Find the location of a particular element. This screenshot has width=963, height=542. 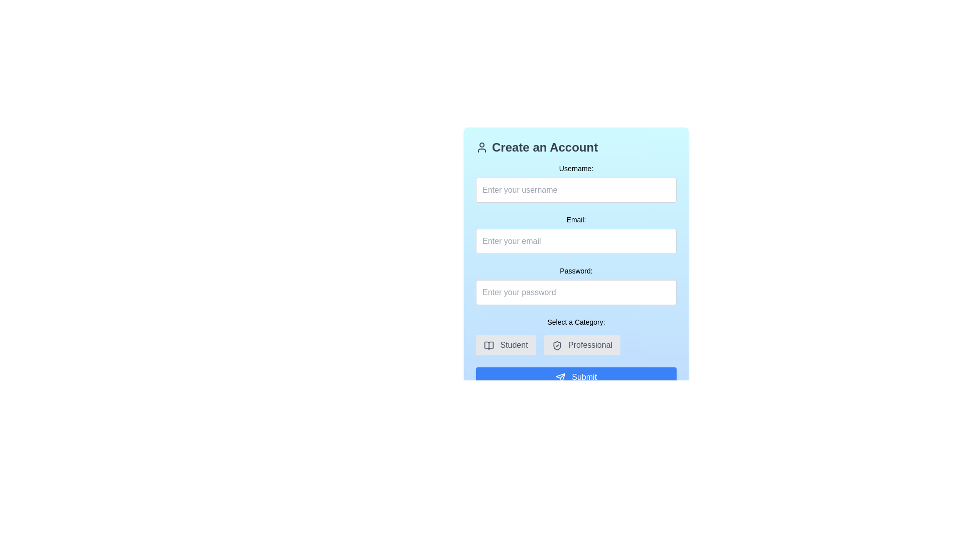

the icon located at the far-left side of the 'Submit' button, which serves as a visual cue for the 'Submit' action is located at coordinates (560, 377).